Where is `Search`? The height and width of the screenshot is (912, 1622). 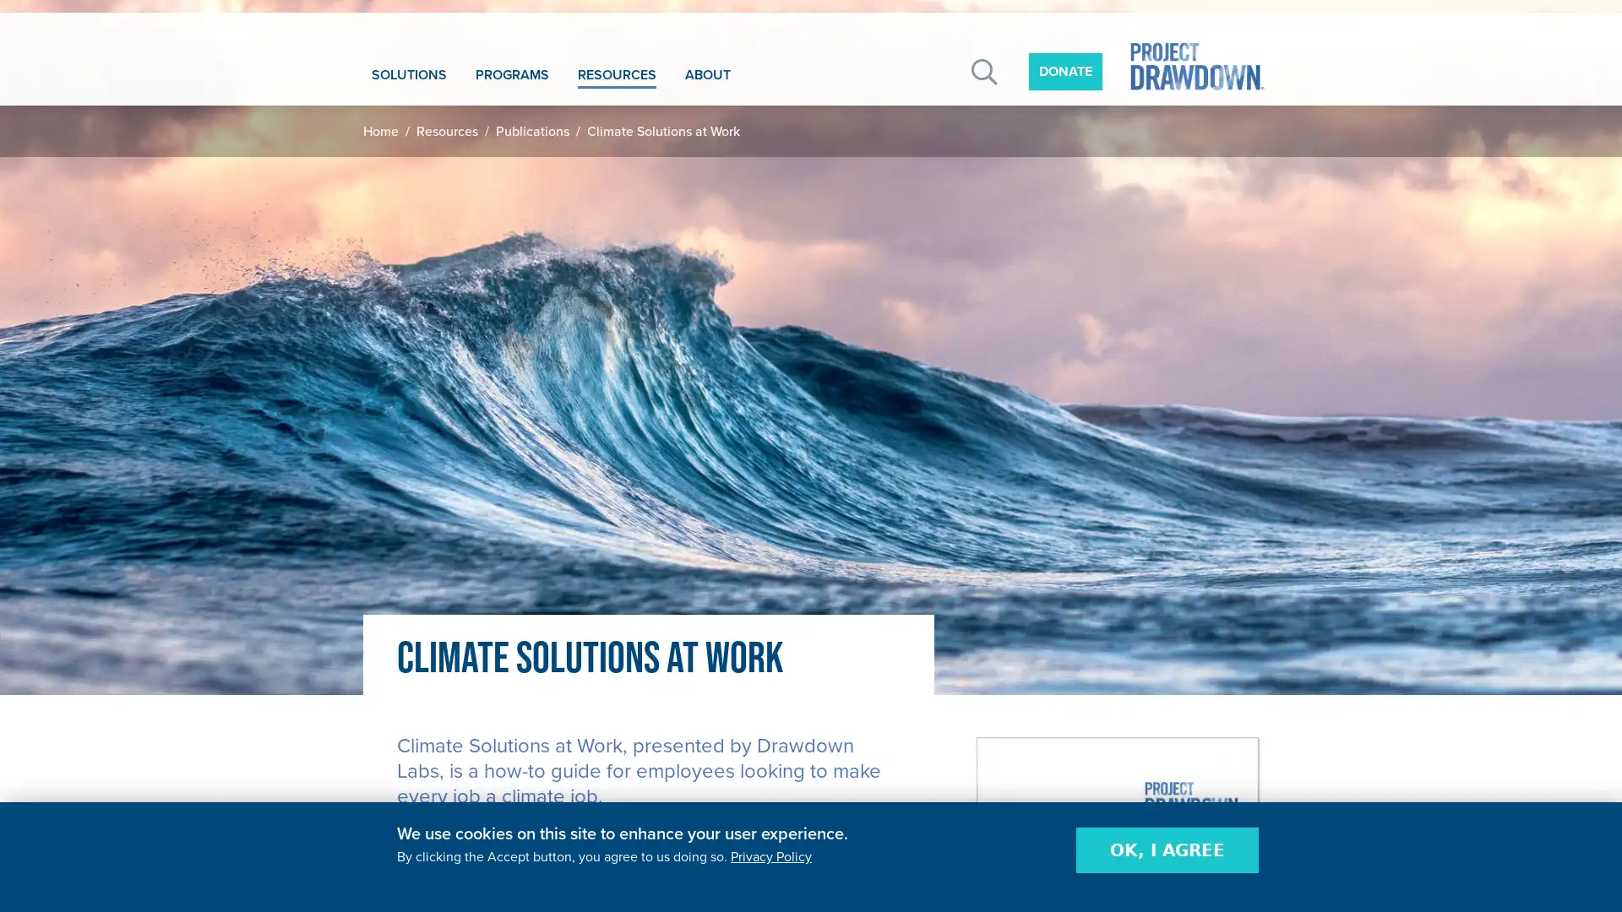
Search is located at coordinates (984, 71).